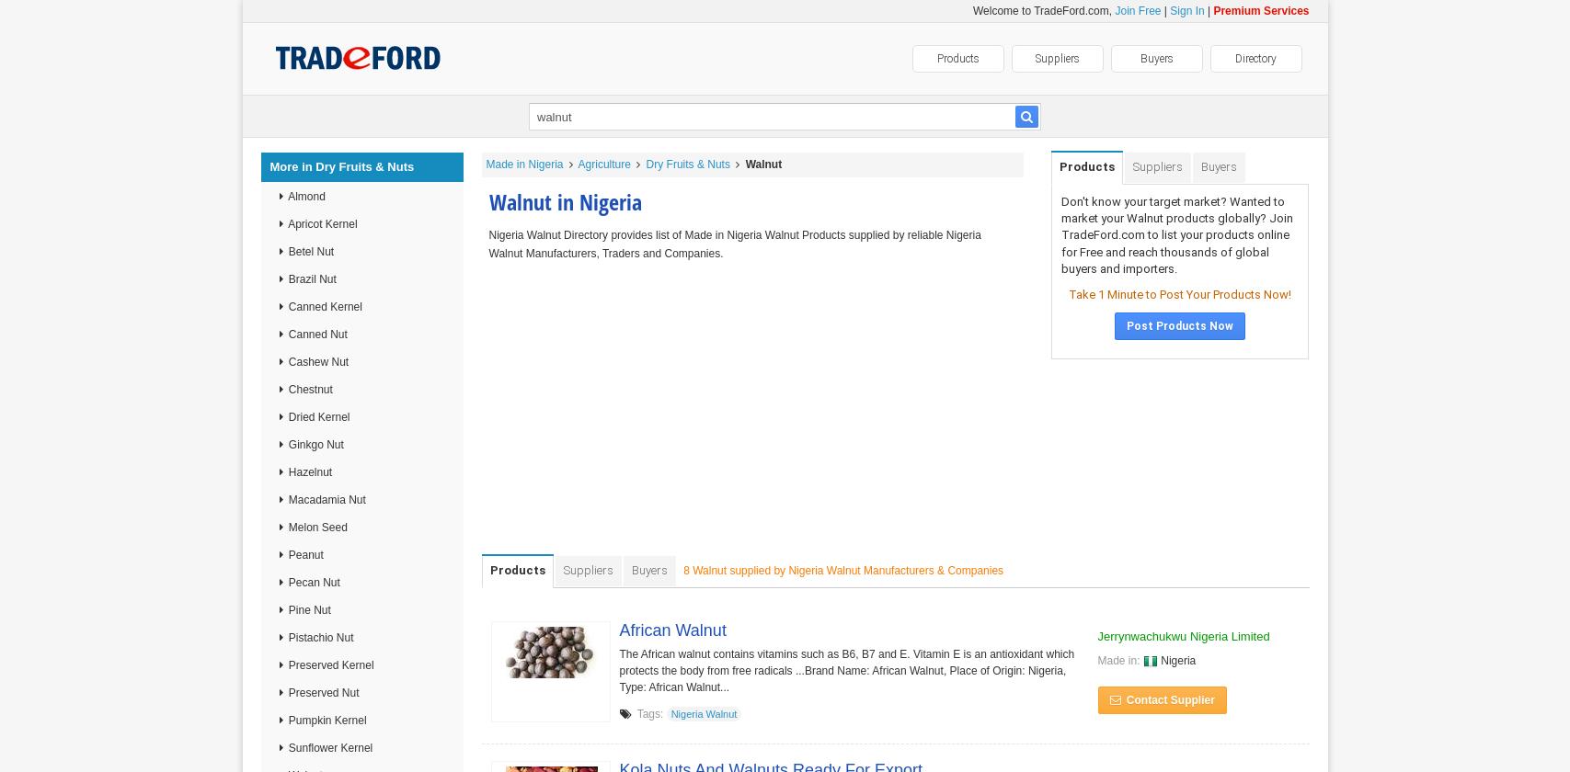 This screenshot has width=1570, height=772. I want to click on 'Hazelnut', so click(308, 471).